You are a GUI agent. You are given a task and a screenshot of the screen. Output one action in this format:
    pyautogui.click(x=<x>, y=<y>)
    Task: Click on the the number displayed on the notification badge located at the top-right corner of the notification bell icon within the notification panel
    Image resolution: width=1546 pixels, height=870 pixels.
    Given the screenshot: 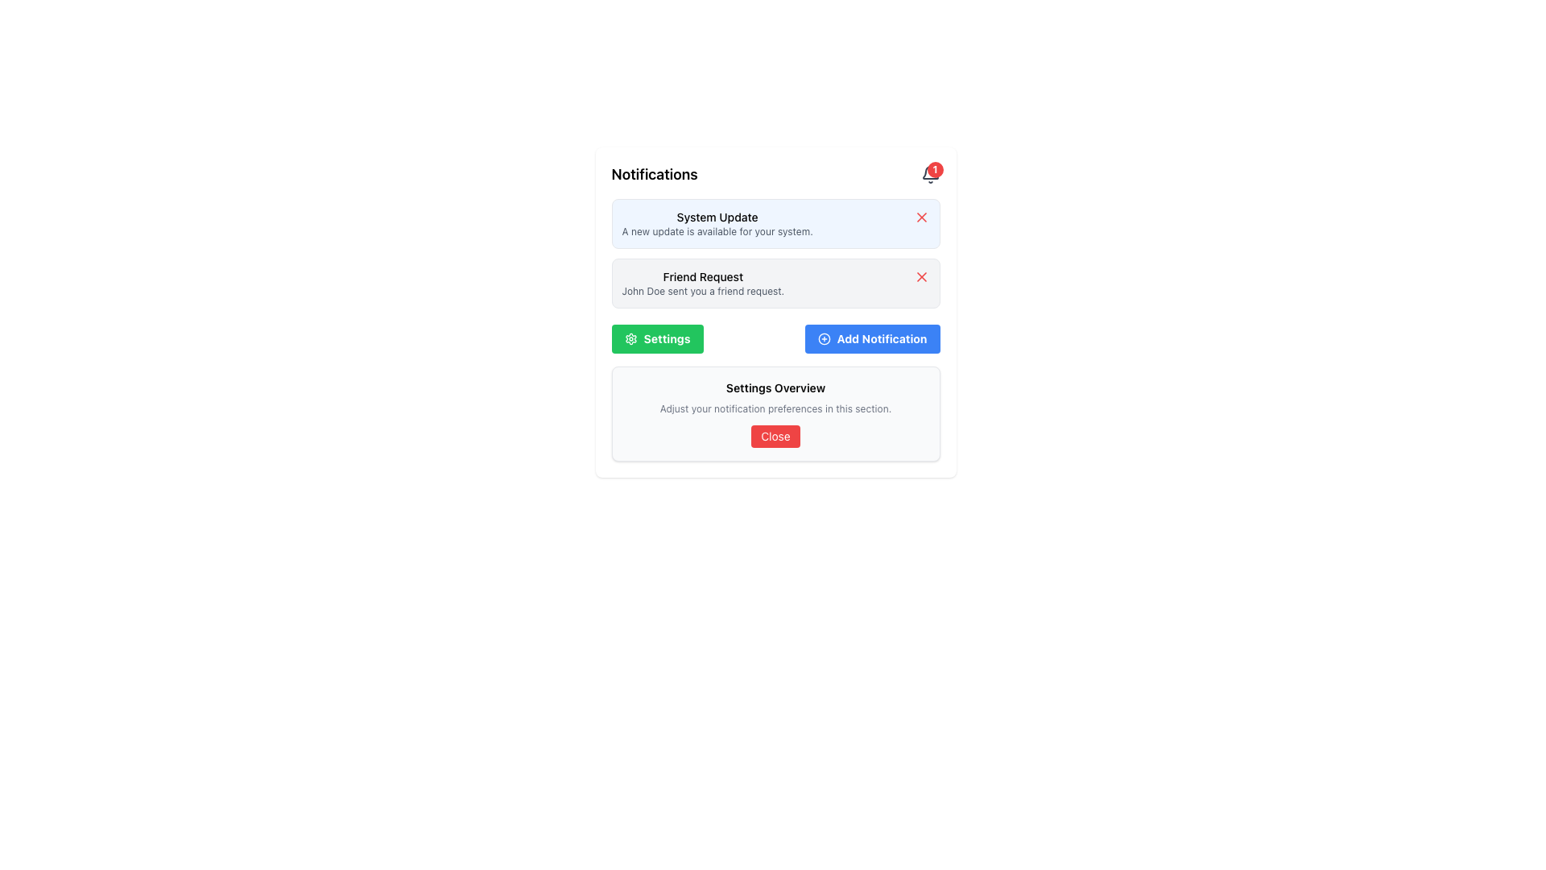 What is the action you would take?
    pyautogui.click(x=935, y=170)
    